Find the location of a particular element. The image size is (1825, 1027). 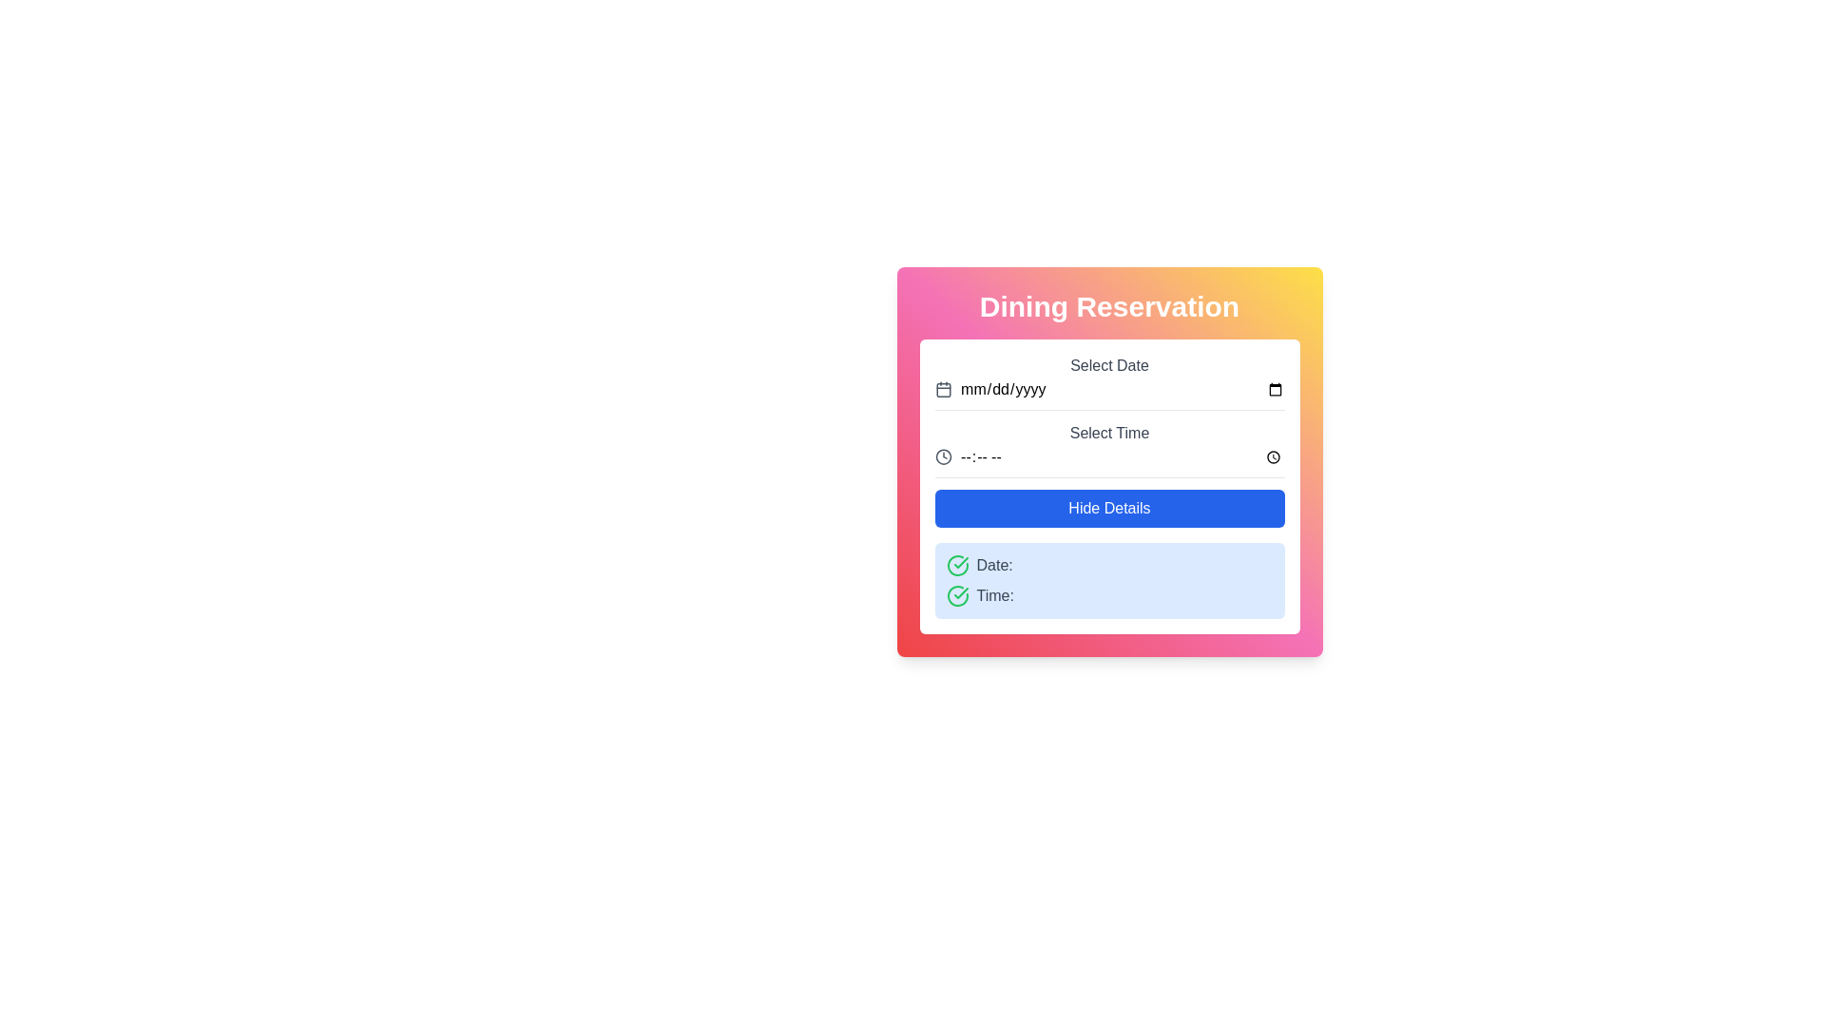

the input field associated with the time label located under 'Select Date' in the 'Dining Reservation' section is located at coordinates (1109, 433).